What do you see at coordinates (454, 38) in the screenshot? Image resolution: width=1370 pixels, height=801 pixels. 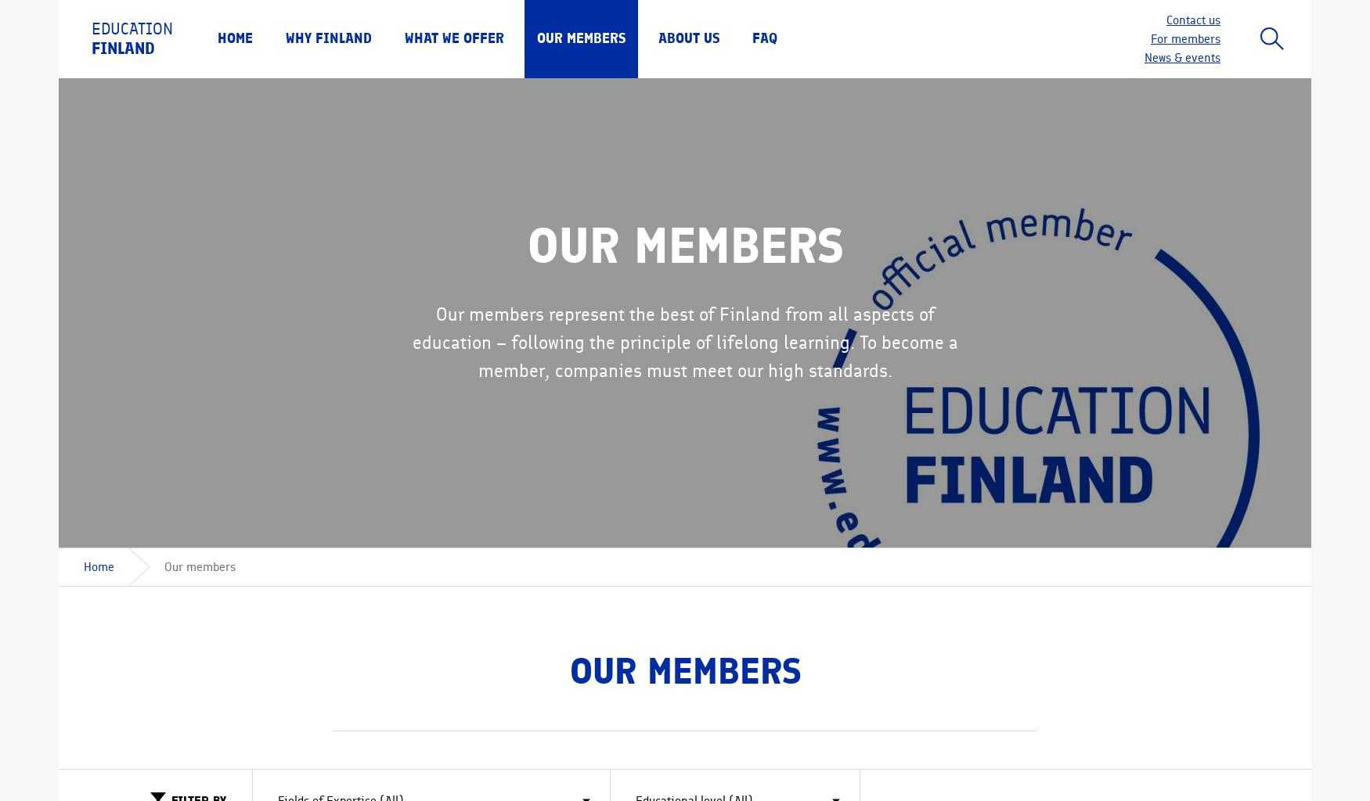 I see `'What we offer'` at bounding box center [454, 38].